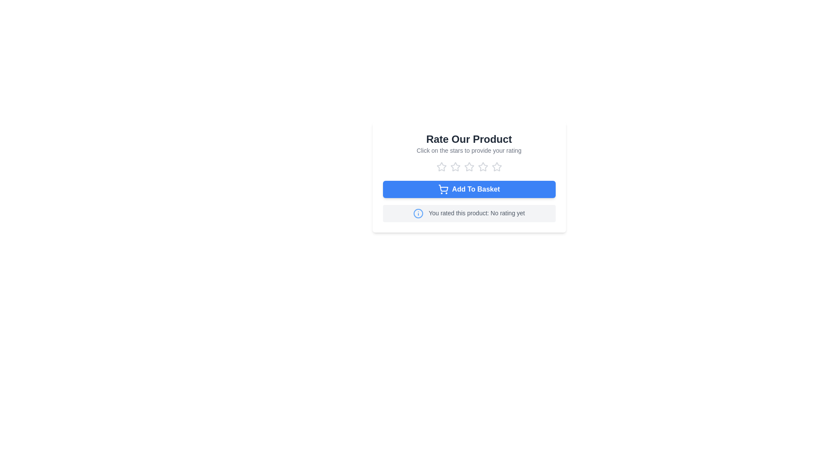 This screenshot has height=466, width=829. Describe the element at coordinates (418, 213) in the screenshot. I see `the outermost circular boundary of the SVG icon located in the bottom left of the rating section, near the text 'You rated this product: No rating yet.'` at that location.